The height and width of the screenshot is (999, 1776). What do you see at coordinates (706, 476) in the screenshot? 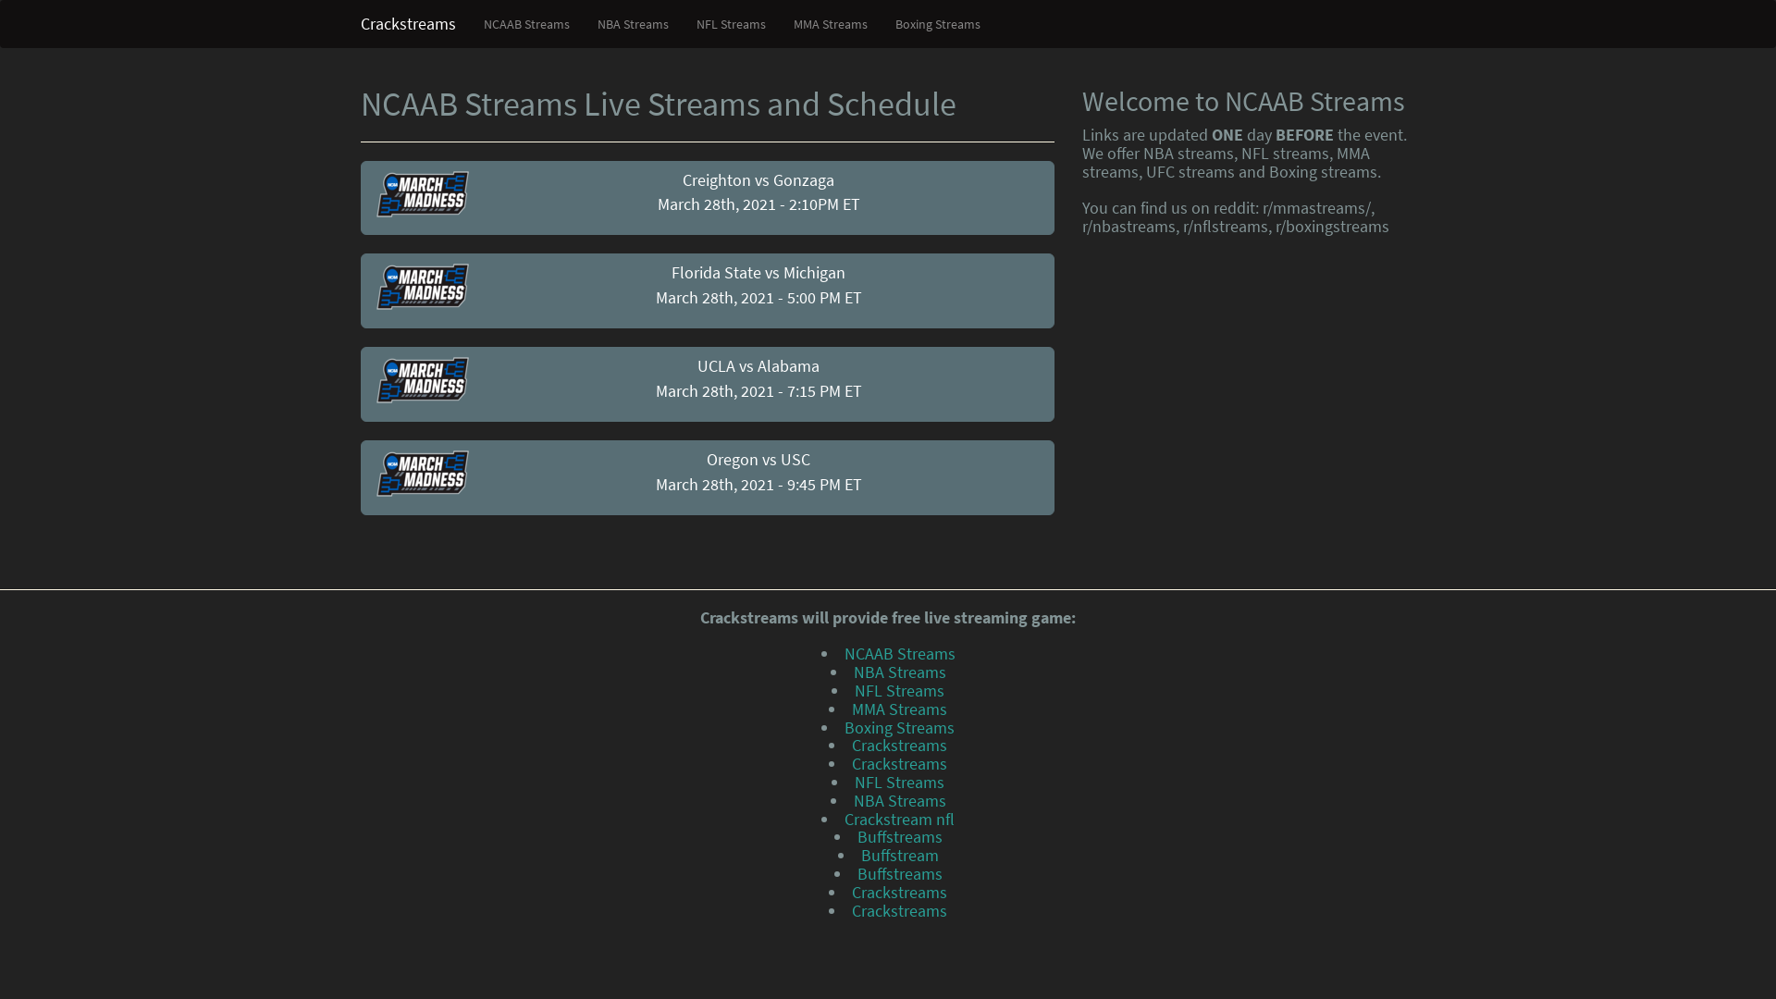
I see `'Oregon vs USC` at bounding box center [706, 476].